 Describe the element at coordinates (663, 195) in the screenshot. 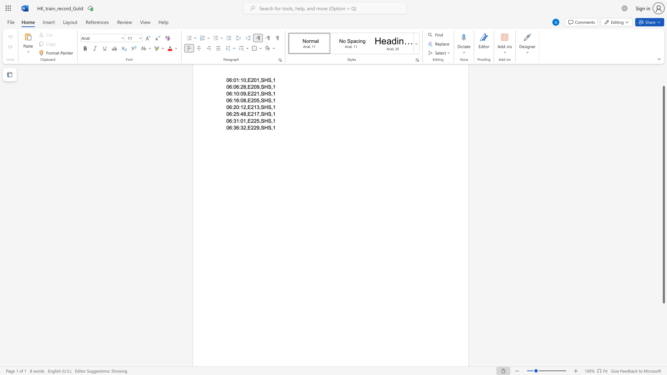

I see `the scrollbar and move down 80 pixels` at that location.